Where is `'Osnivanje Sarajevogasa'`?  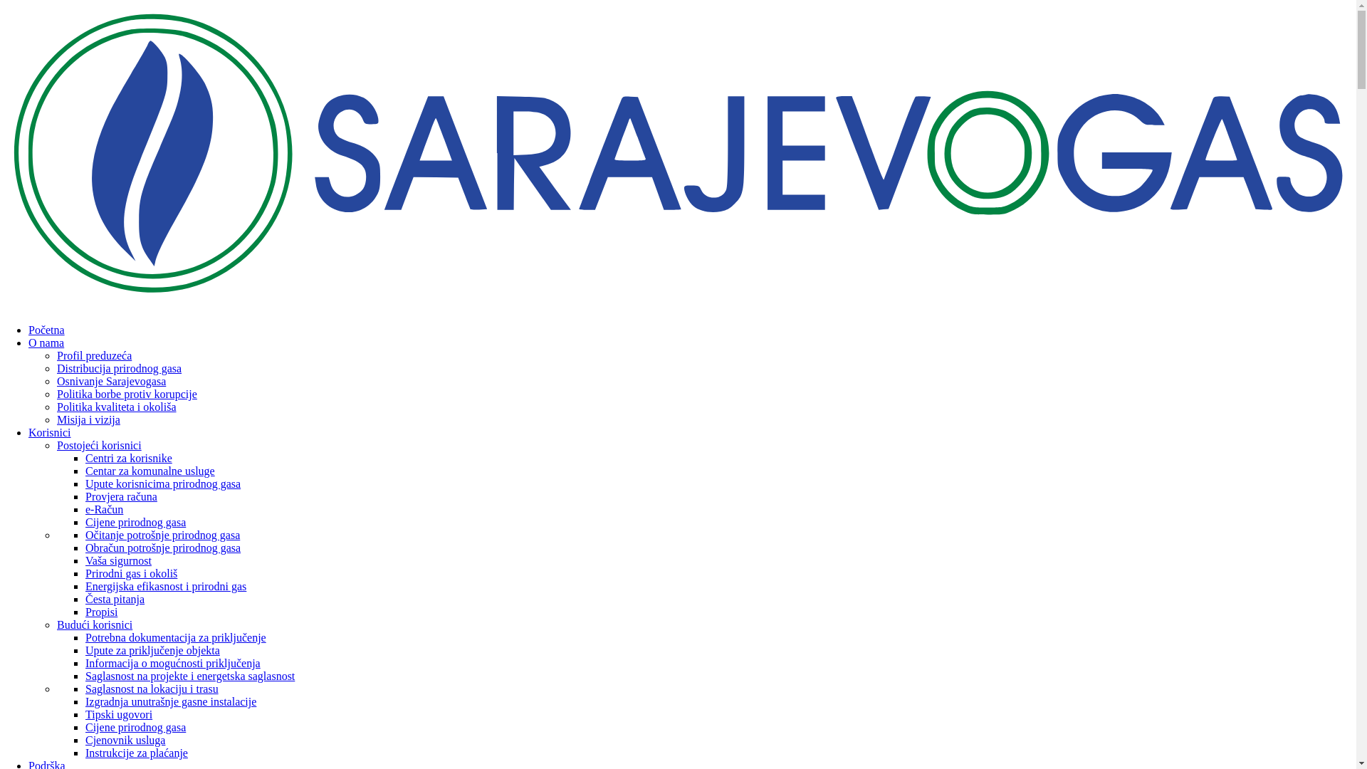 'Osnivanje Sarajevogasa' is located at coordinates (110, 380).